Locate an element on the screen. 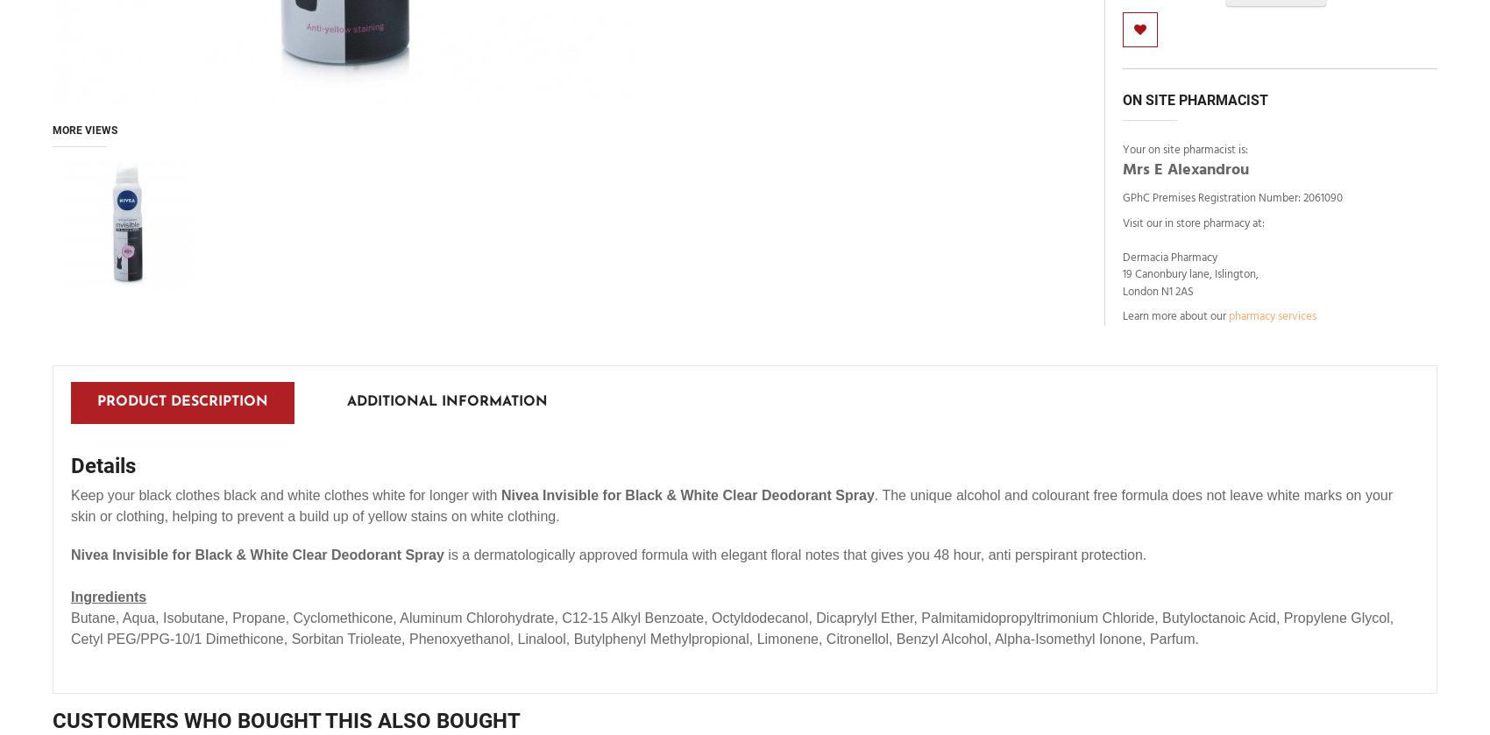 The image size is (1490, 735). 'pharmacy services' is located at coordinates (1271, 316).